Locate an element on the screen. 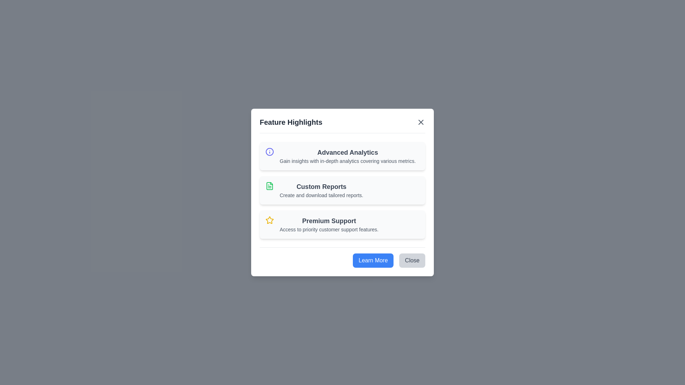 The width and height of the screenshot is (685, 385). the star icon with a yellow outline located in the 'Premium Support' section, adjacent to the text 'Premium Support Access to priority customer support features.' is located at coordinates (269, 220).